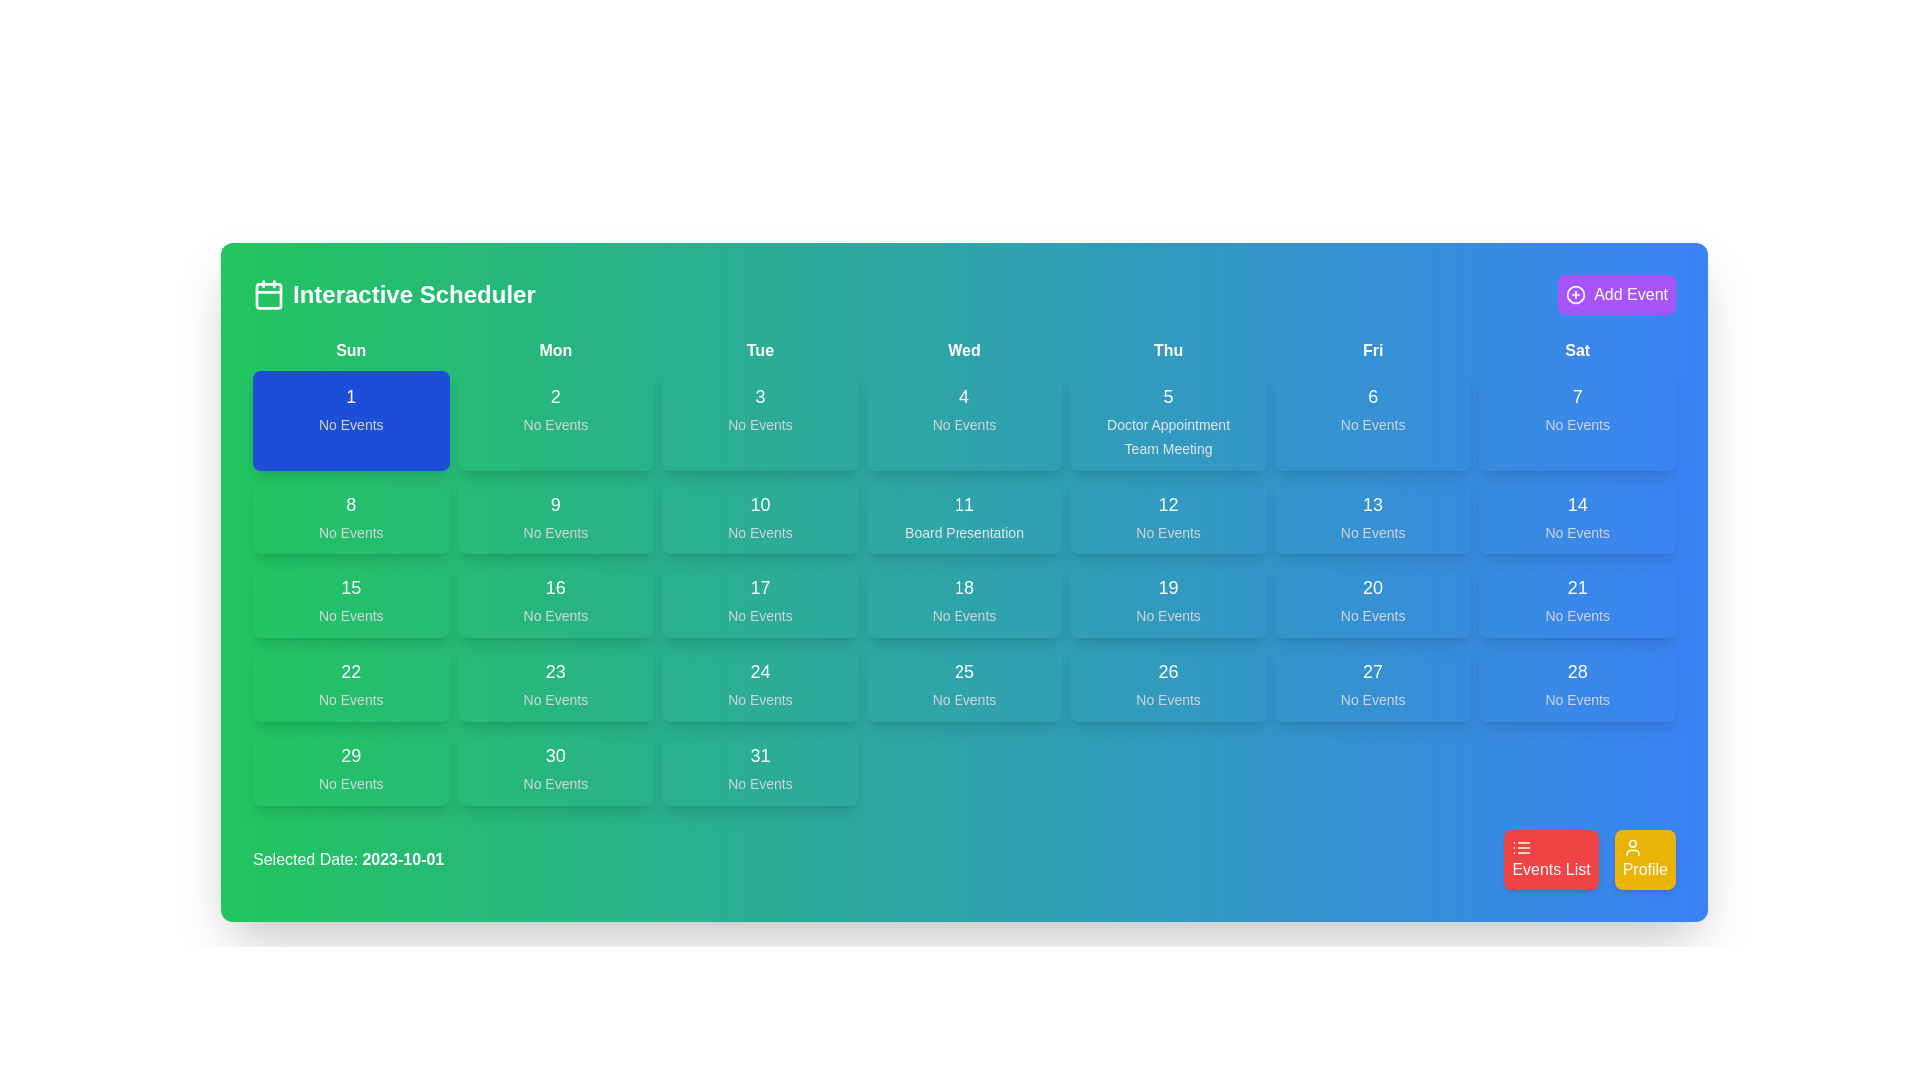  Describe the element at coordinates (555, 599) in the screenshot. I see `the calendar day display tile for the date 16, which has a light green background and displays 'No Events' below the number '16'` at that location.